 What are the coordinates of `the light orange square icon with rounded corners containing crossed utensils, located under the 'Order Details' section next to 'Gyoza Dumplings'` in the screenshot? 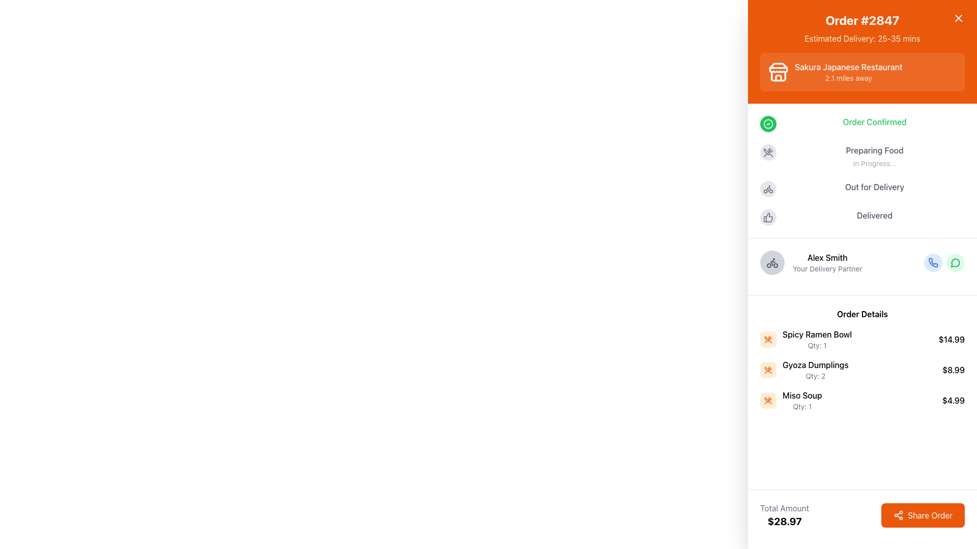 It's located at (768, 370).